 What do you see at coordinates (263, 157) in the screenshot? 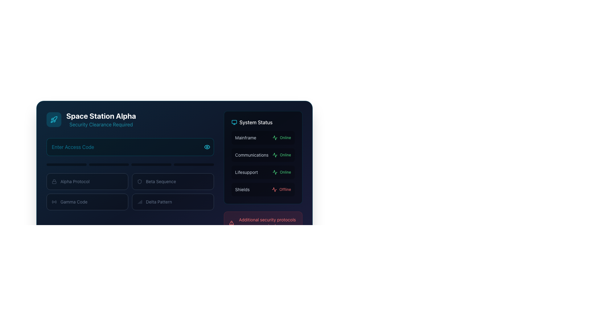
I see `the Status indicator component, which visually presents the current statuses of different systems in the upper right portion of the interface` at bounding box center [263, 157].